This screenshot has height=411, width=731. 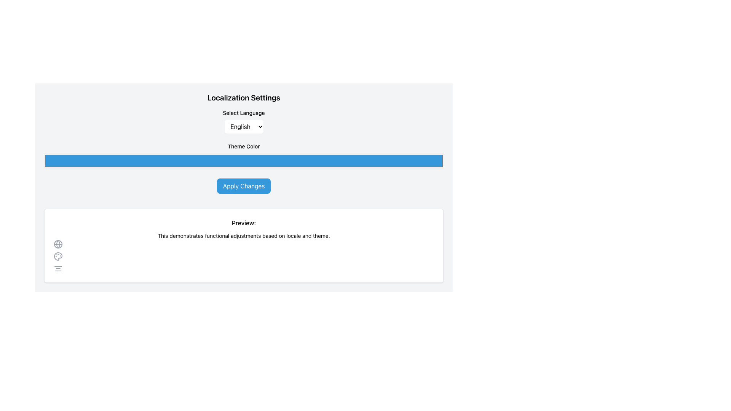 What do you see at coordinates (244, 97) in the screenshot?
I see `the header text labeled 'Localization Settings'` at bounding box center [244, 97].